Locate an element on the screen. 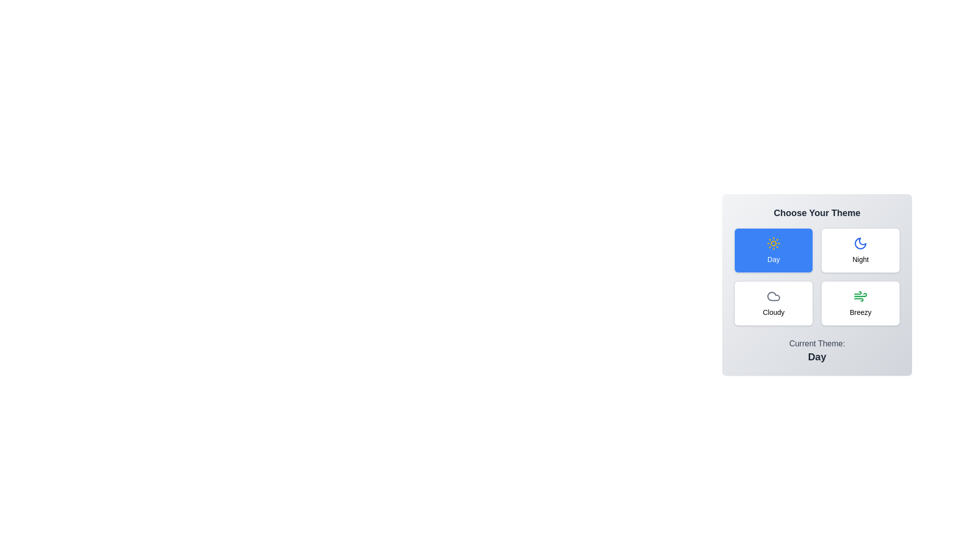 Image resolution: width=959 pixels, height=539 pixels. the Breezy button to observe its hover effect is located at coordinates (860, 303).